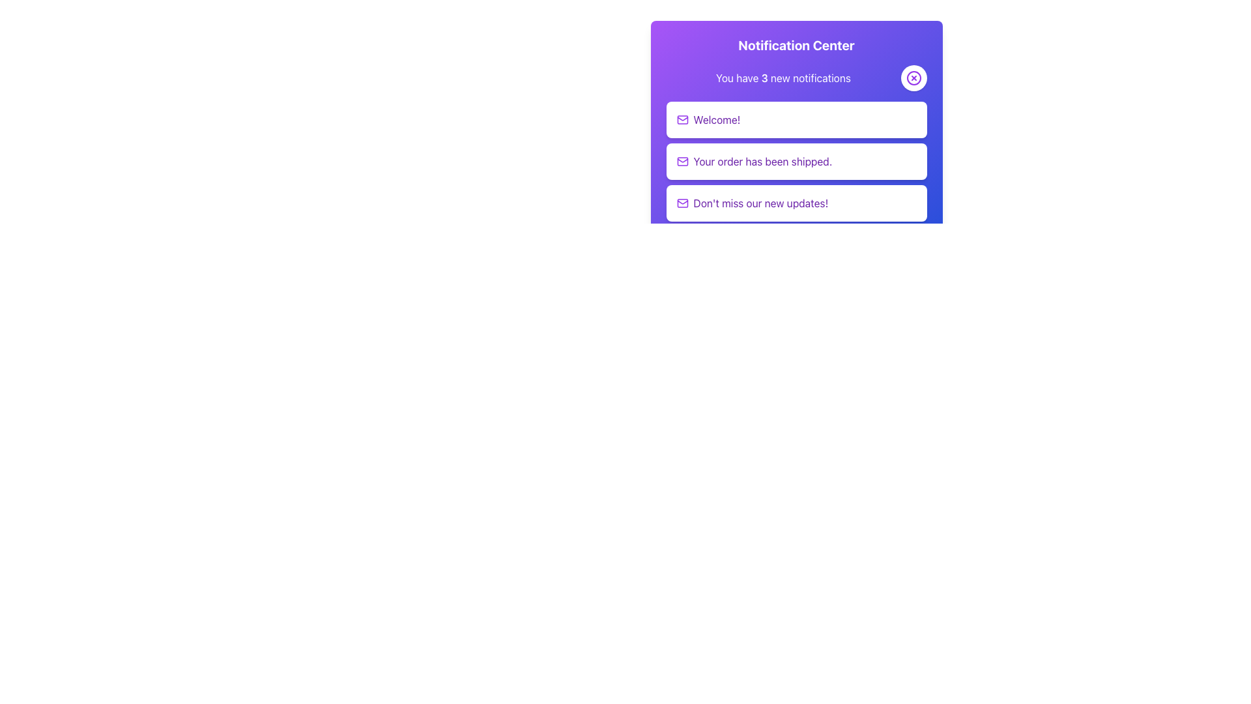 This screenshot has height=704, width=1251. What do you see at coordinates (796, 78) in the screenshot?
I see `the Notification bar that indicates there are 3 new notifications to read the notification information` at bounding box center [796, 78].